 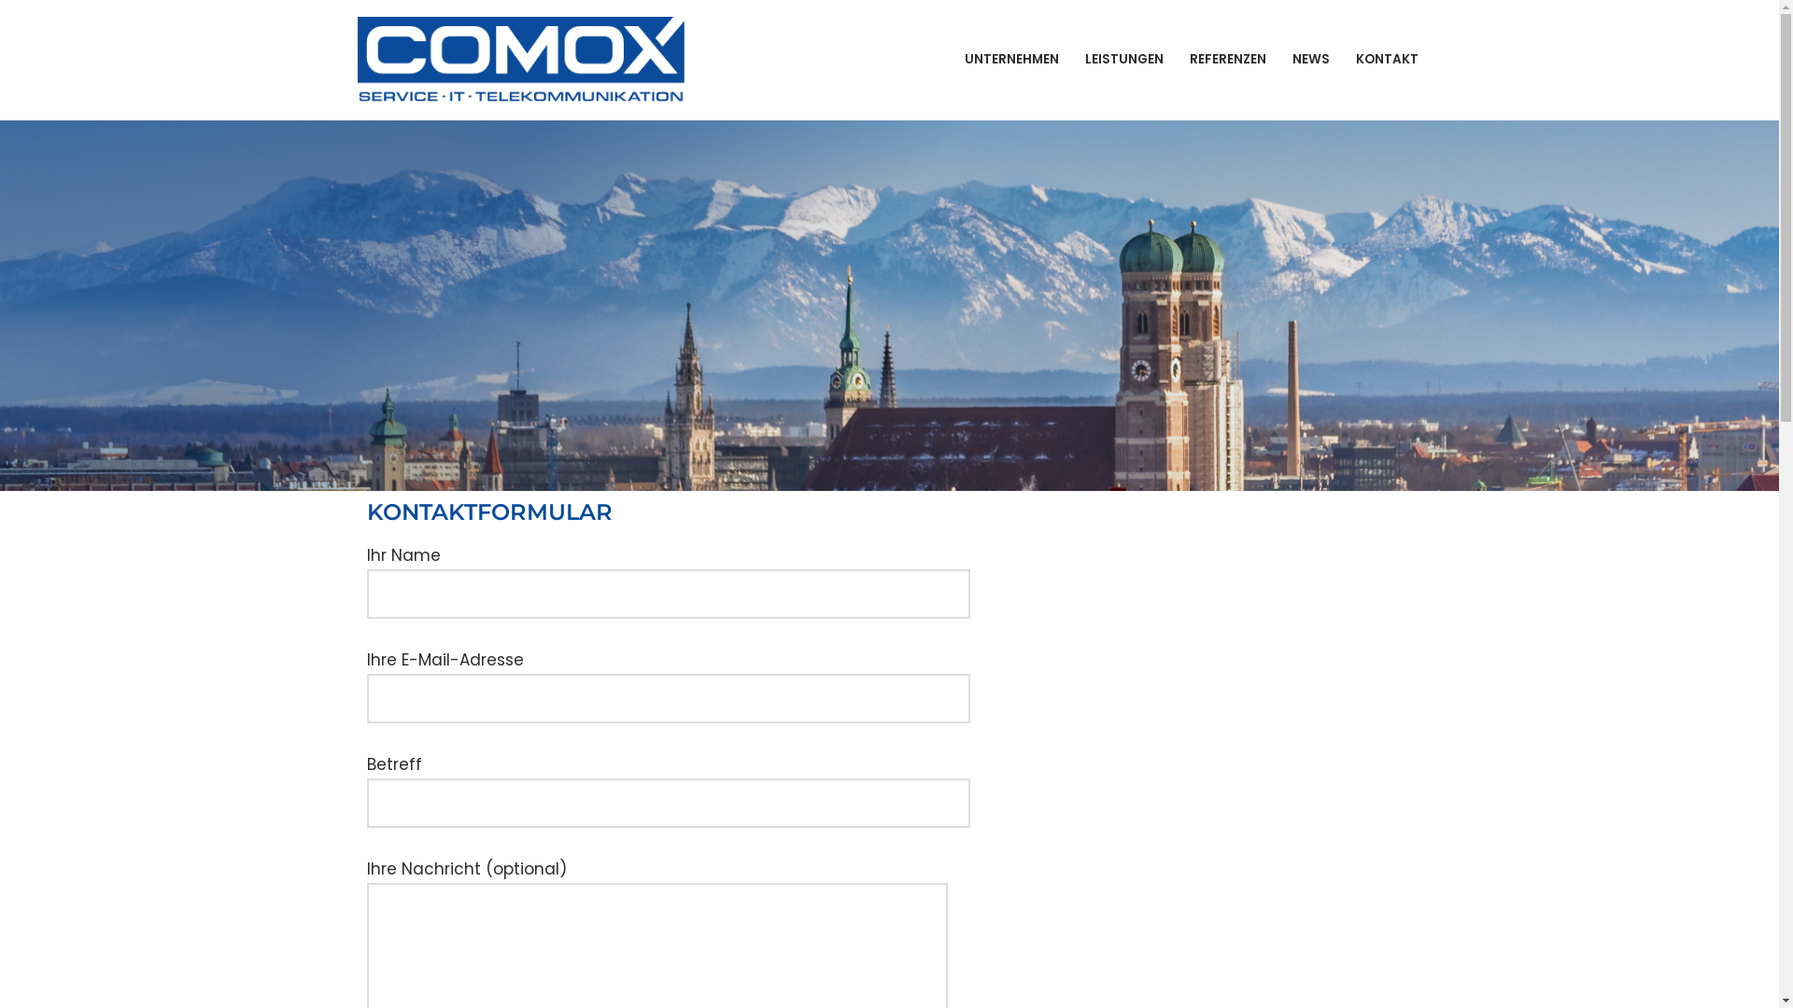 What do you see at coordinates (1355, 58) in the screenshot?
I see `'KONTAKT'` at bounding box center [1355, 58].